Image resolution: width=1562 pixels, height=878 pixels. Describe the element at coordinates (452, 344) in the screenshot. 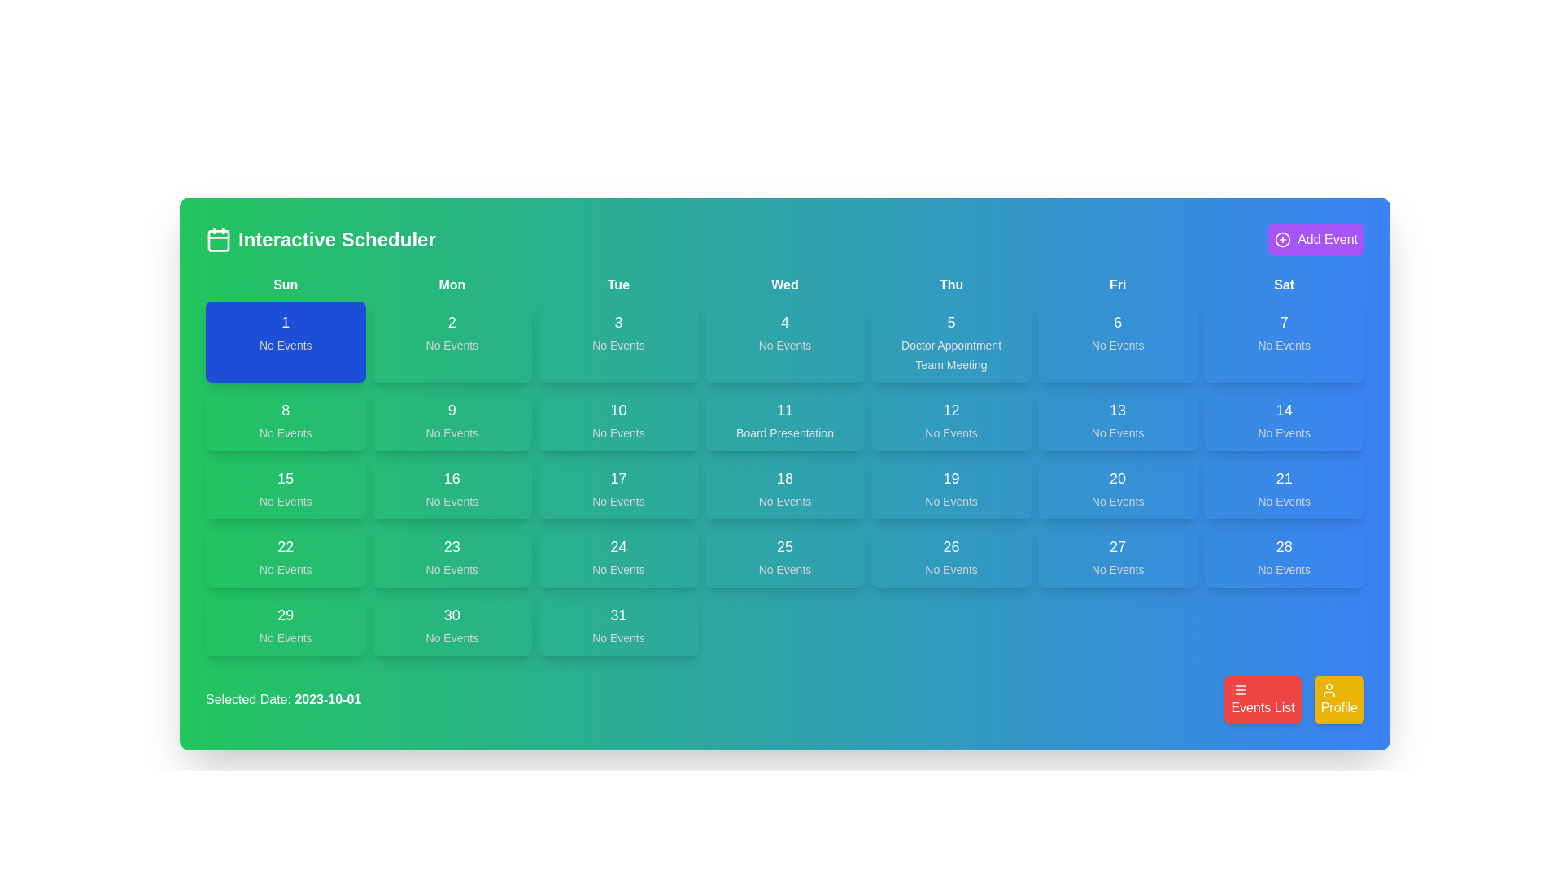

I see `text content of the label indicating that there are no scheduled events for Monday, October 2nd, located in the second column of the calendar grid below the numeric day label '2'` at that location.